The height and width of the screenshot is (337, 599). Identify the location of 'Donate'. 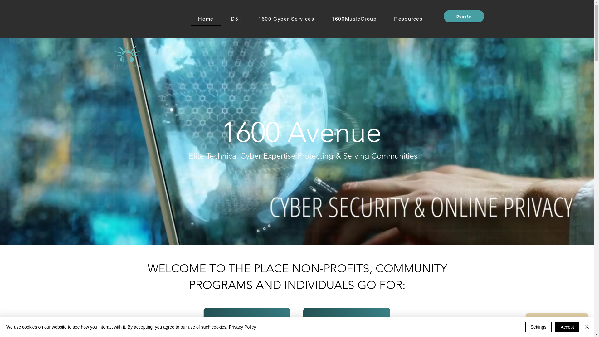
(464, 16).